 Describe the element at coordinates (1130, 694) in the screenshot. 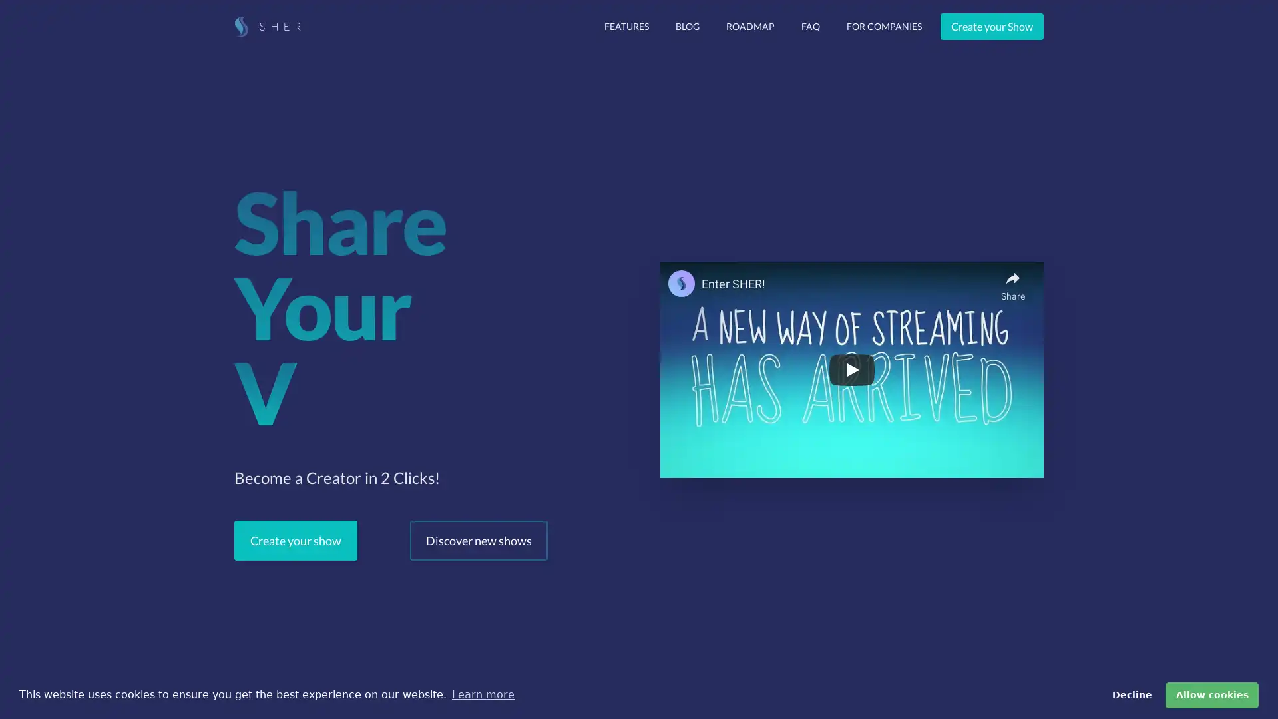

I see `deny cookies` at that location.